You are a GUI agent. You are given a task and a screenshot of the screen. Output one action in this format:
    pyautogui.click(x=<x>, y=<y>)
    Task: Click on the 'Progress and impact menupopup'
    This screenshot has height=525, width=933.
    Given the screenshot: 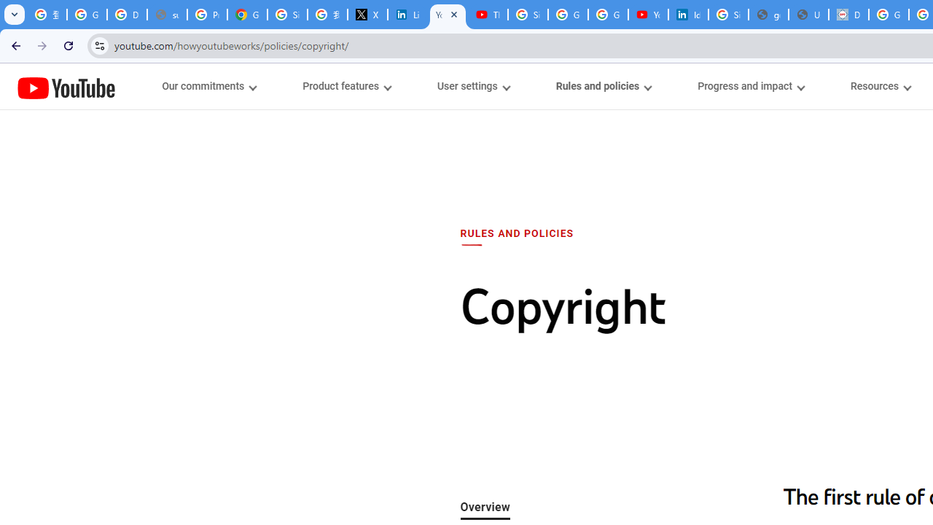 What is the action you would take?
    pyautogui.click(x=751, y=86)
    